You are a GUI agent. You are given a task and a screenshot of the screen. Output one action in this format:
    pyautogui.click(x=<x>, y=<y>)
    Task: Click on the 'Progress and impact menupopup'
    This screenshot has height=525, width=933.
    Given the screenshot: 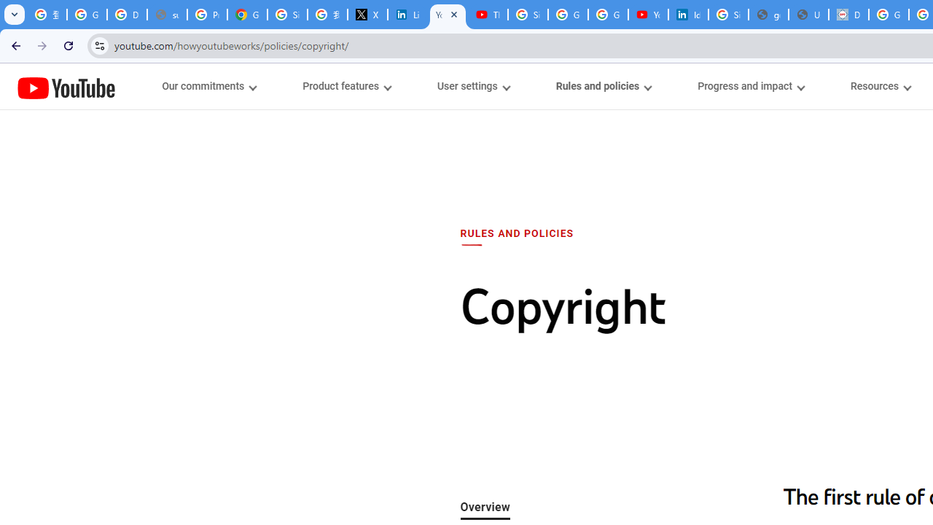 What is the action you would take?
    pyautogui.click(x=751, y=86)
    